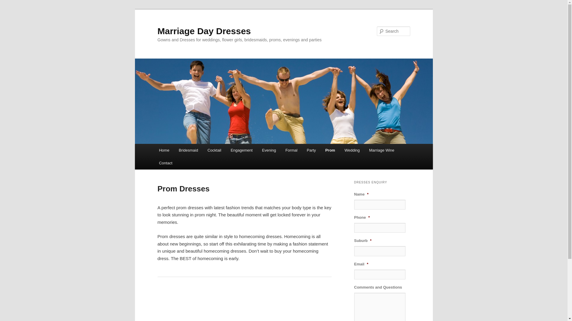 The height and width of the screenshot is (321, 572). I want to click on 'Contact', so click(166, 163).